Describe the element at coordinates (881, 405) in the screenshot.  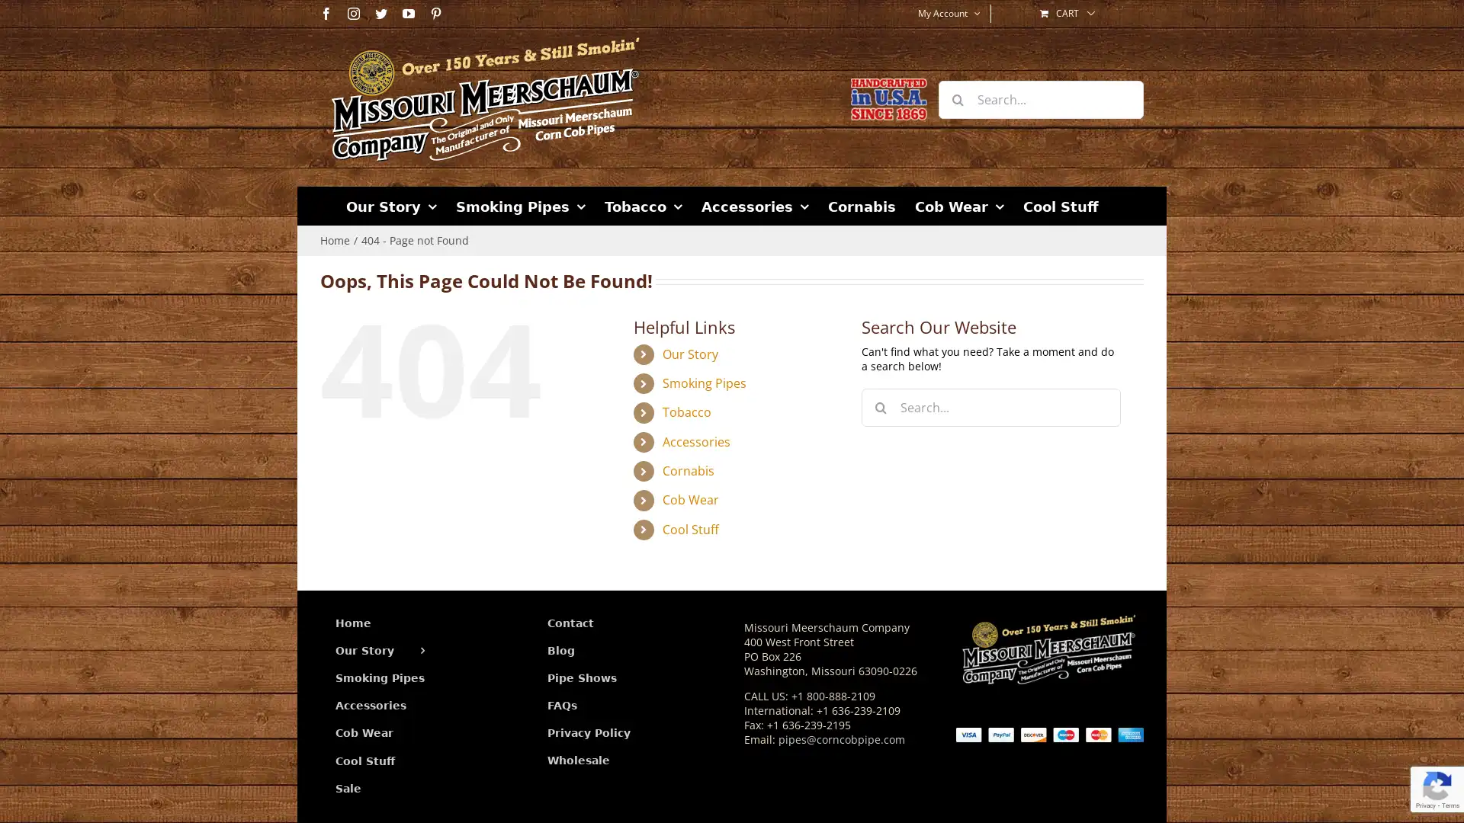
I see `Search` at that location.